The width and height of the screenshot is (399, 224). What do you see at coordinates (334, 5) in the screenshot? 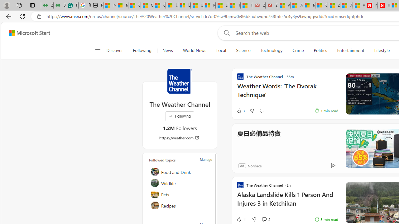
I see `'20 Ways to Boost Your Protein Intake at Every Meal'` at bounding box center [334, 5].